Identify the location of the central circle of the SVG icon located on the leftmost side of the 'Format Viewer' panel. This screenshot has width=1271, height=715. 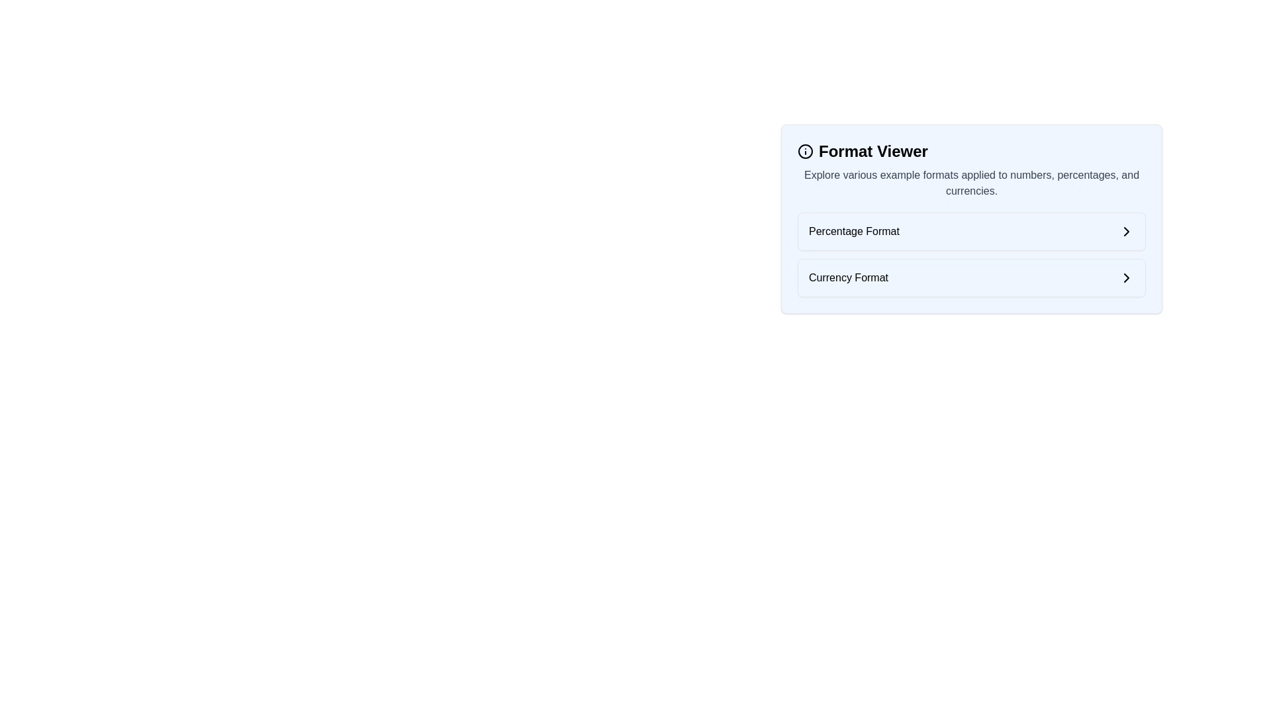
(805, 150).